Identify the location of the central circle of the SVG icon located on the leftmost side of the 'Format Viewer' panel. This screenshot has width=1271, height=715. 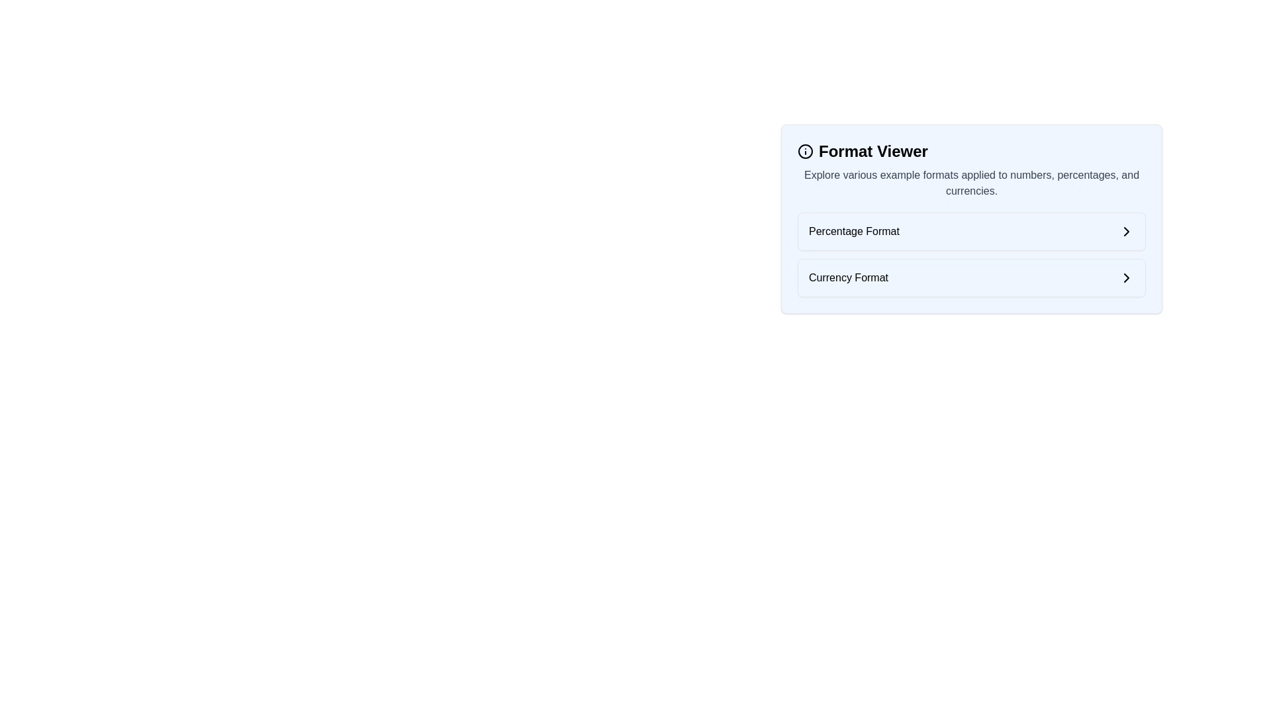
(805, 150).